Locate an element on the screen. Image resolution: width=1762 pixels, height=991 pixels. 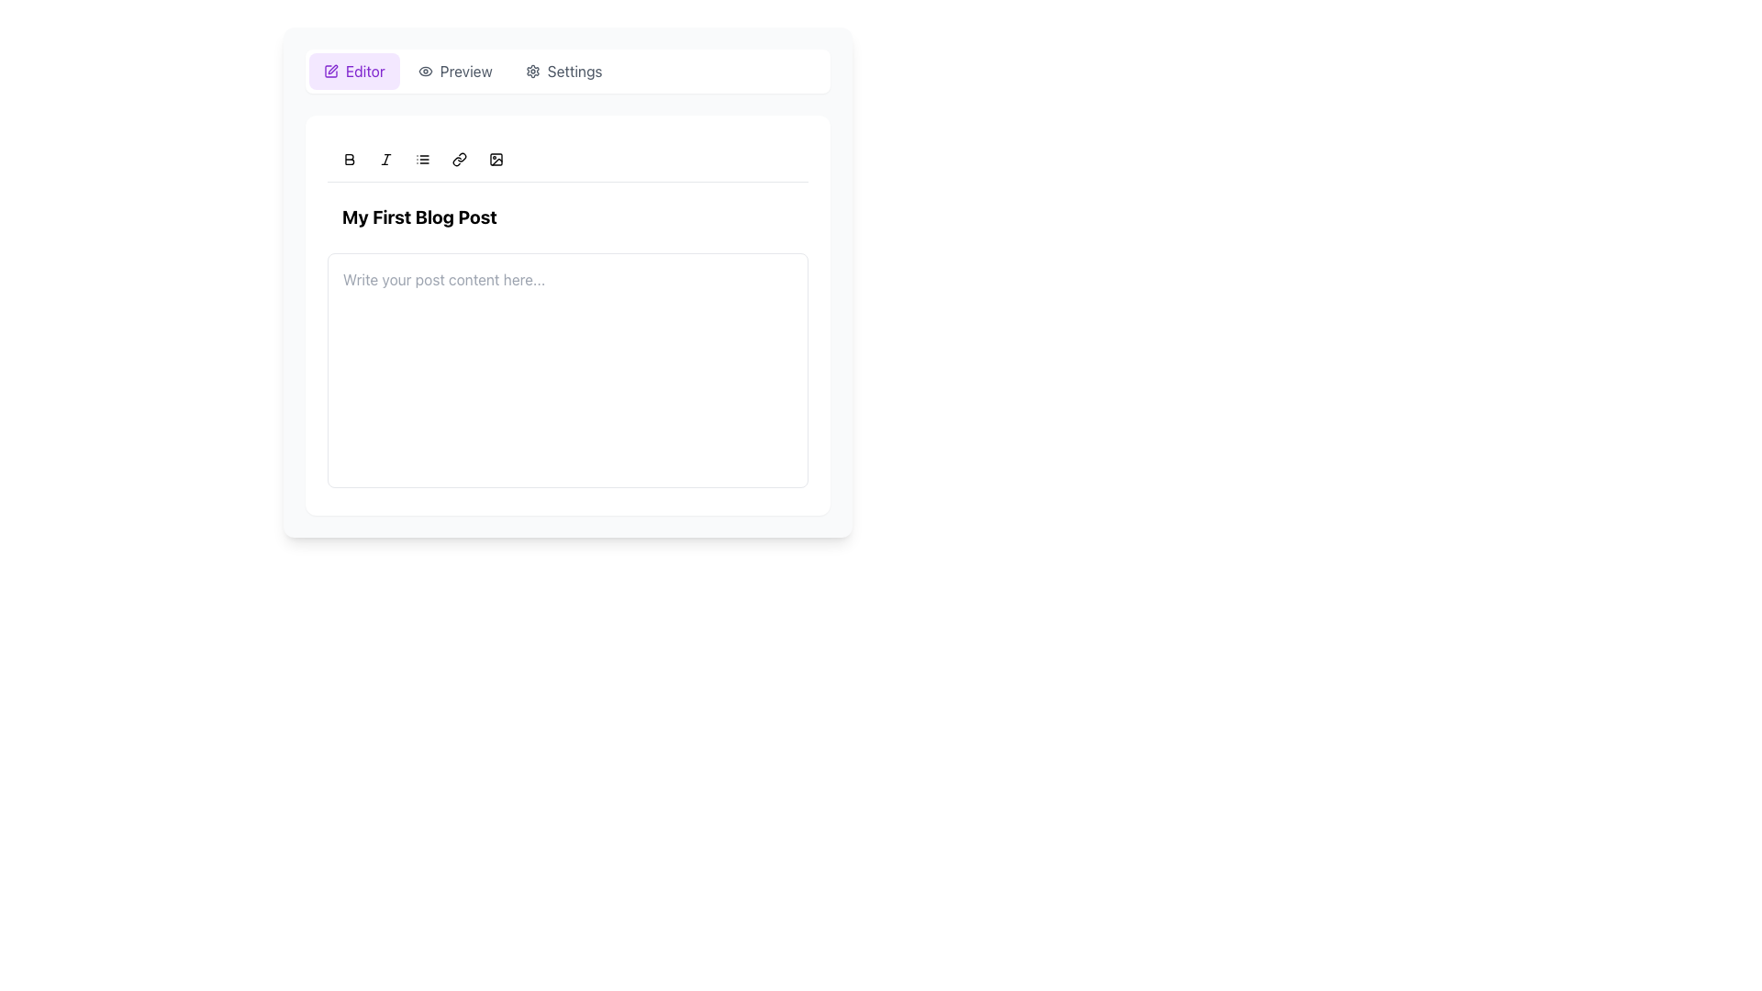
the italic 'I' icon button located in the text formatting section of the blog editor interface to apply italic formatting is located at coordinates (385, 158).